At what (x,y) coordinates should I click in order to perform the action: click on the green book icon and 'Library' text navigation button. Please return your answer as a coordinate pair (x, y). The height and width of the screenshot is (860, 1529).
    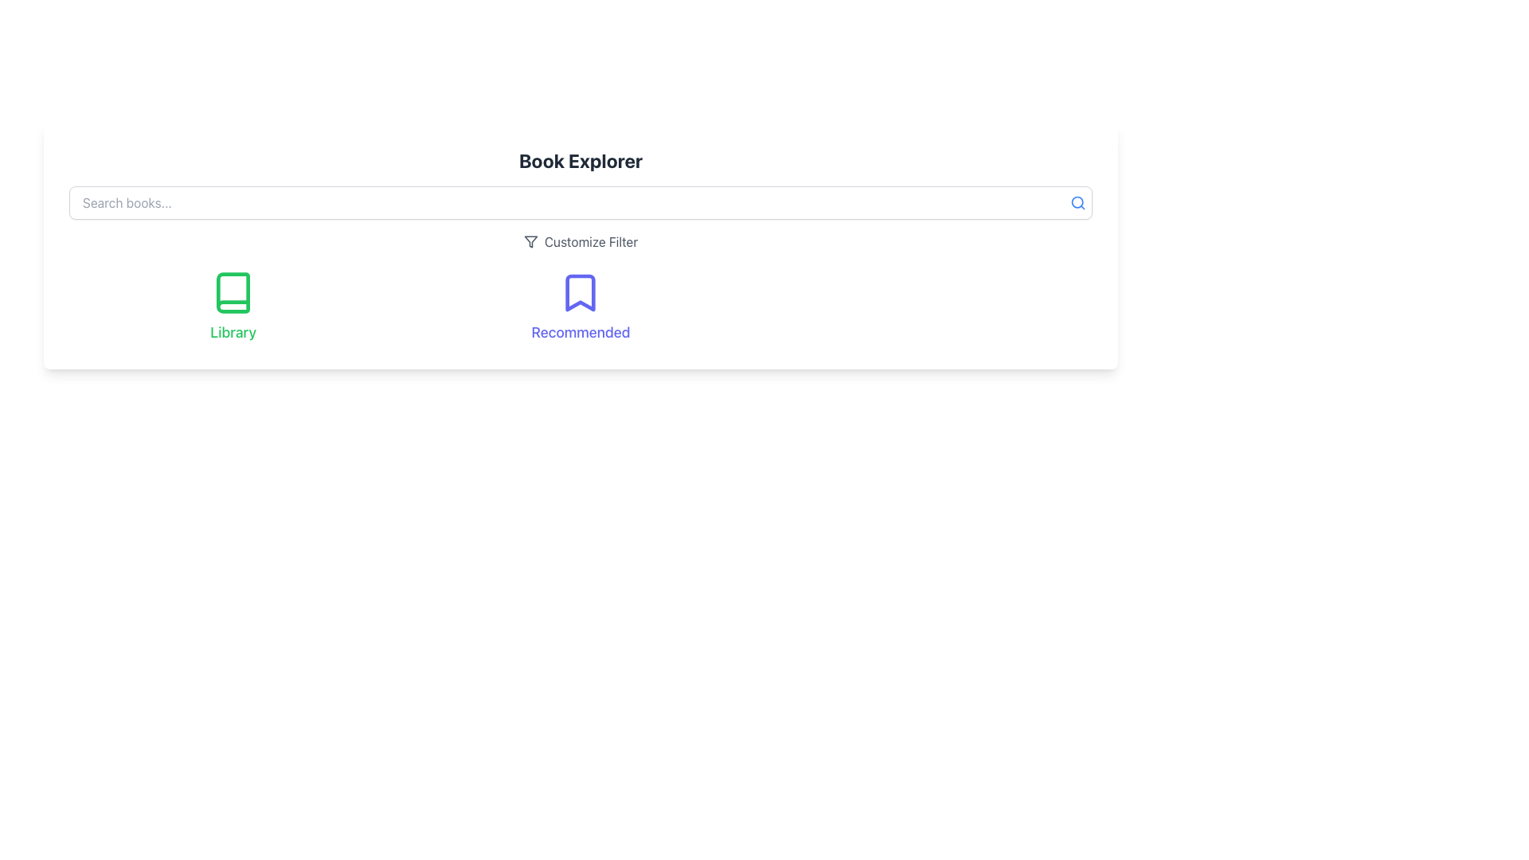
    Looking at the image, I should click on (233, 307).